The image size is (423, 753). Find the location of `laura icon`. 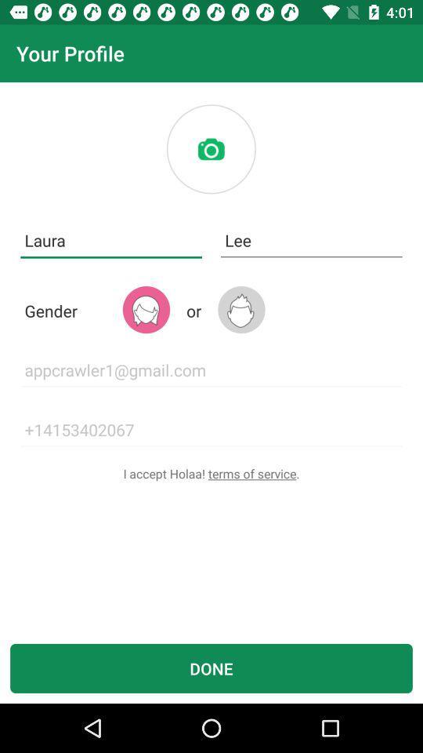

laura icon is located at coordinates (110, 241).